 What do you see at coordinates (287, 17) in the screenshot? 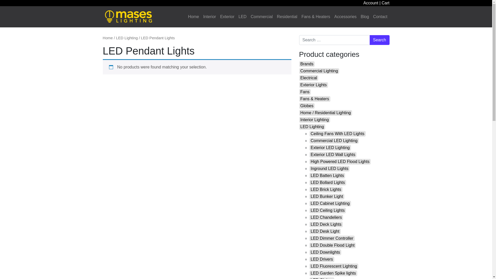
I see `'Residential'` at bounding box center [287, 17].